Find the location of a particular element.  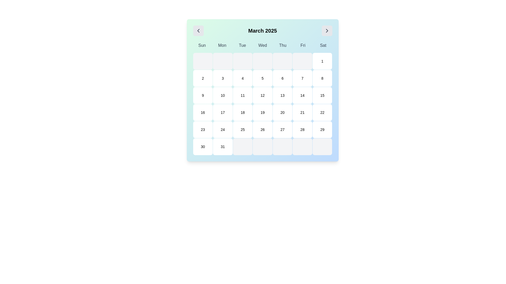

text label displaying 'Tue' in the week header of the calendar interface, which is the third item in a row of day abbreviations is located at coordinates (242, 45).